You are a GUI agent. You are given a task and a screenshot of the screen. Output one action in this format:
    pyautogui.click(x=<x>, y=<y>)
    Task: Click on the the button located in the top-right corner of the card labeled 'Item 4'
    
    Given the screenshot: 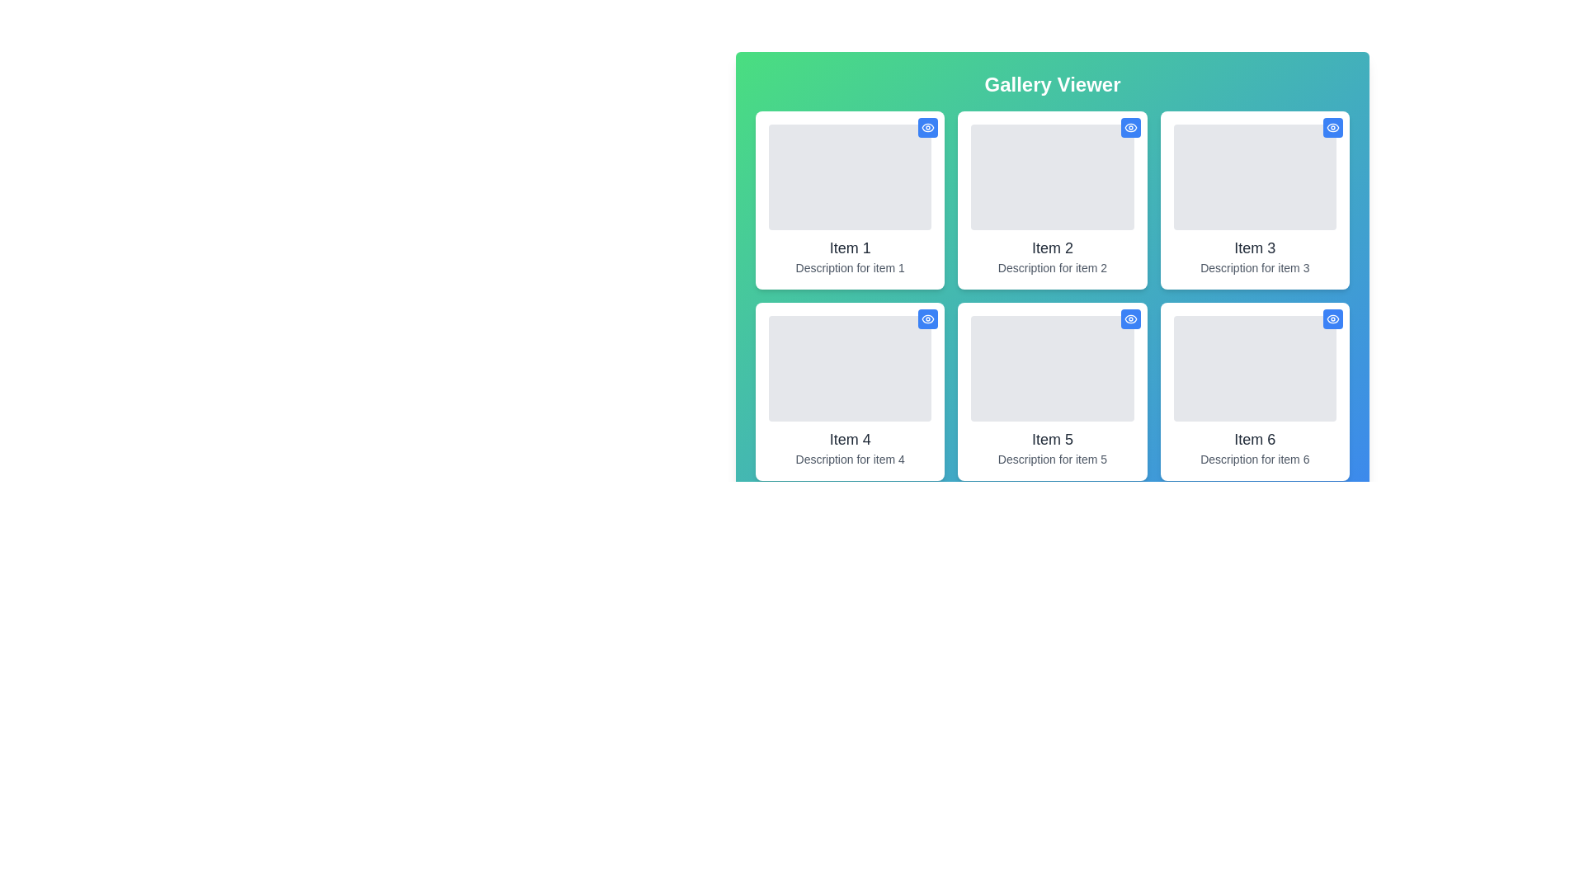 What is the action you would take?
    pyautogui.click(x=928, y=318)
    